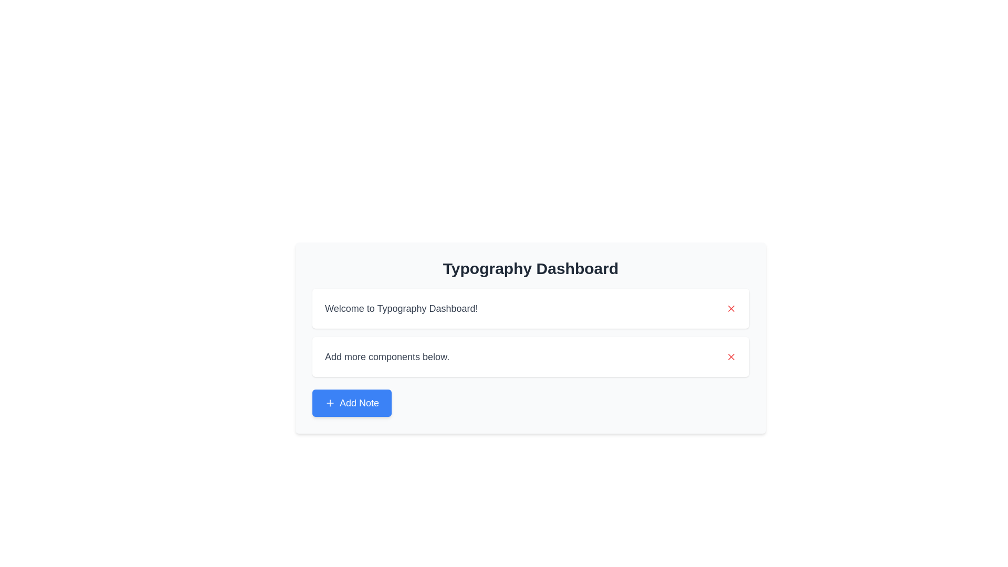 The width and height of the screenshot is (1008, 567). I want to click on the close/delete icon located at the top-right side of the input field containing 'Welcome to Typography Dashboard!', so click(730, 308).